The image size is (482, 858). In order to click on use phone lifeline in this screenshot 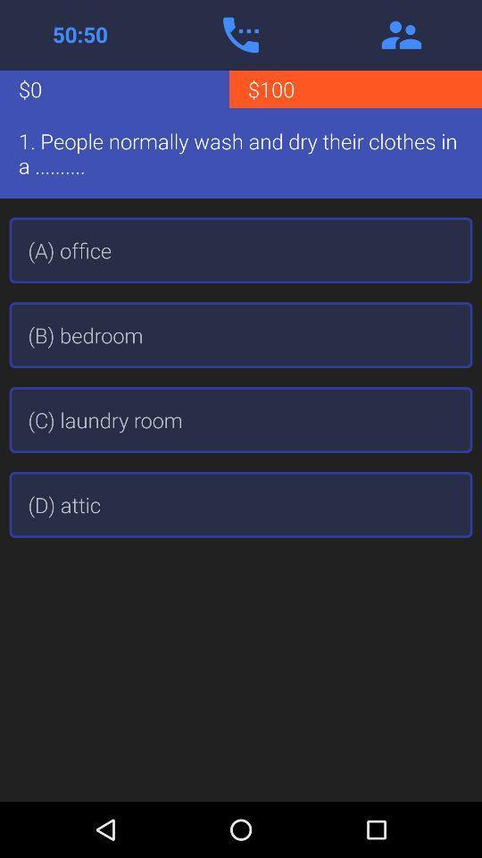, I will do `click(241, 34)`.